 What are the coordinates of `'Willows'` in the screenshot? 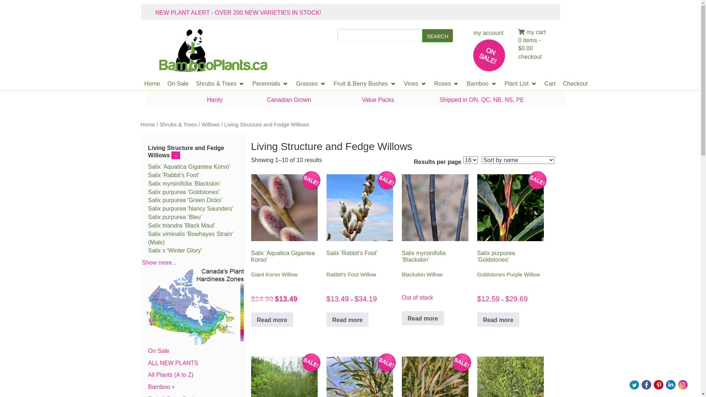 It's located at (210, 124).